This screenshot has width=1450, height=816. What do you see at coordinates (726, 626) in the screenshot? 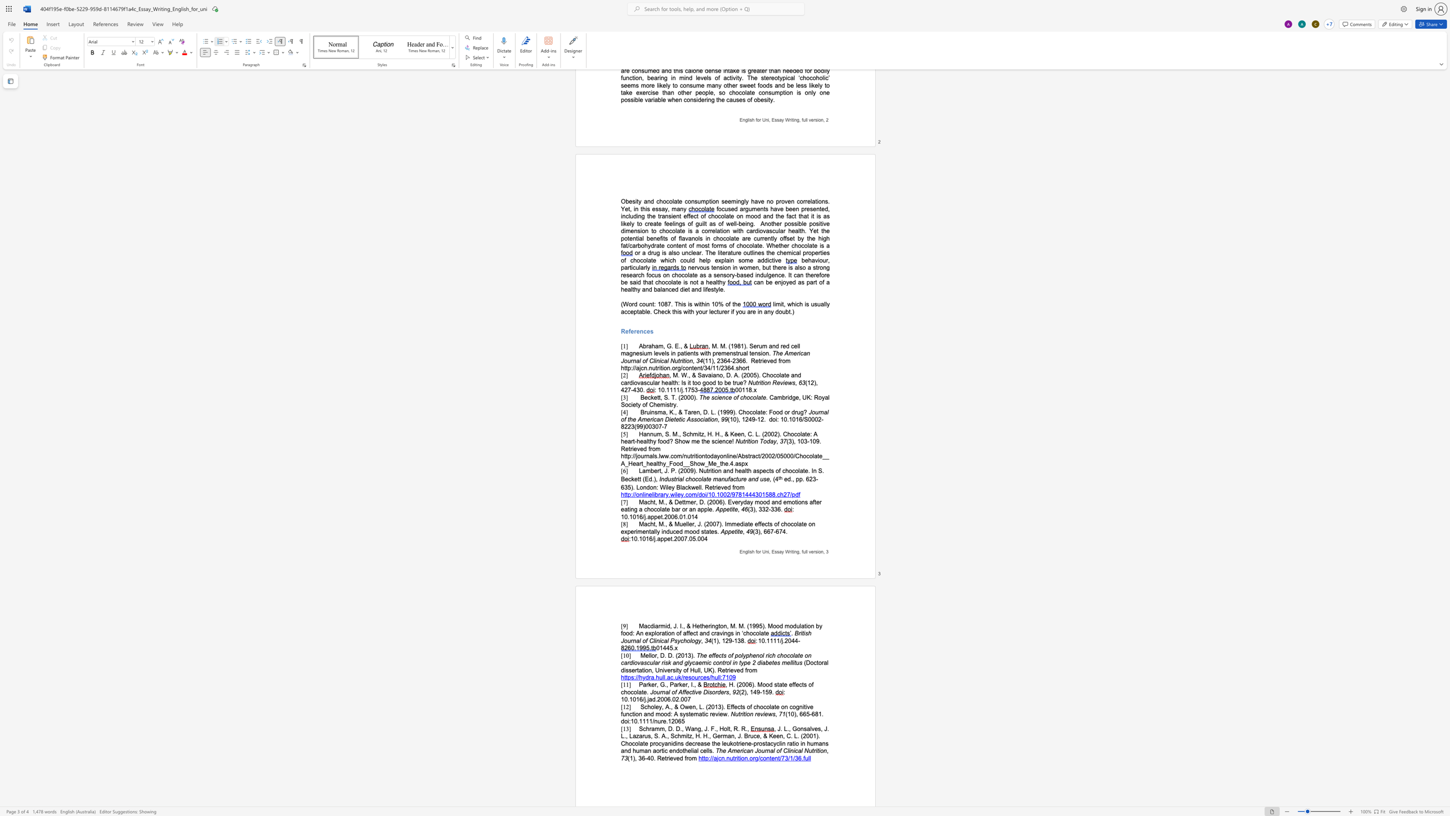
I see `the space between the continuous character "n" and "," in the text` at bounding box center [726, 626].